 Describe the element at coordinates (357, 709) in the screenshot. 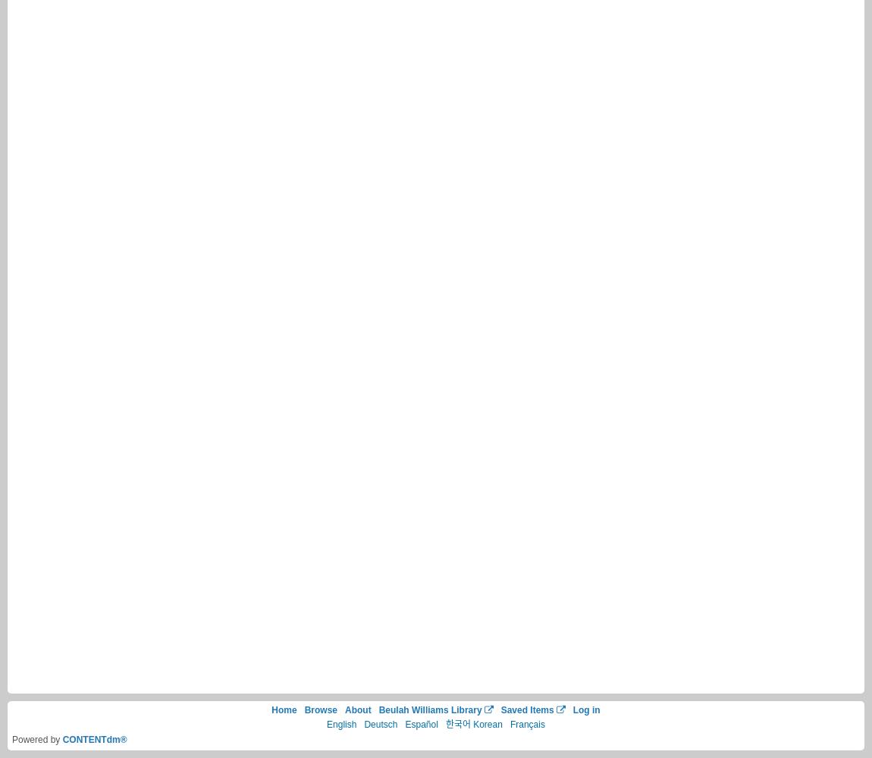

I see `'About'` at that location.